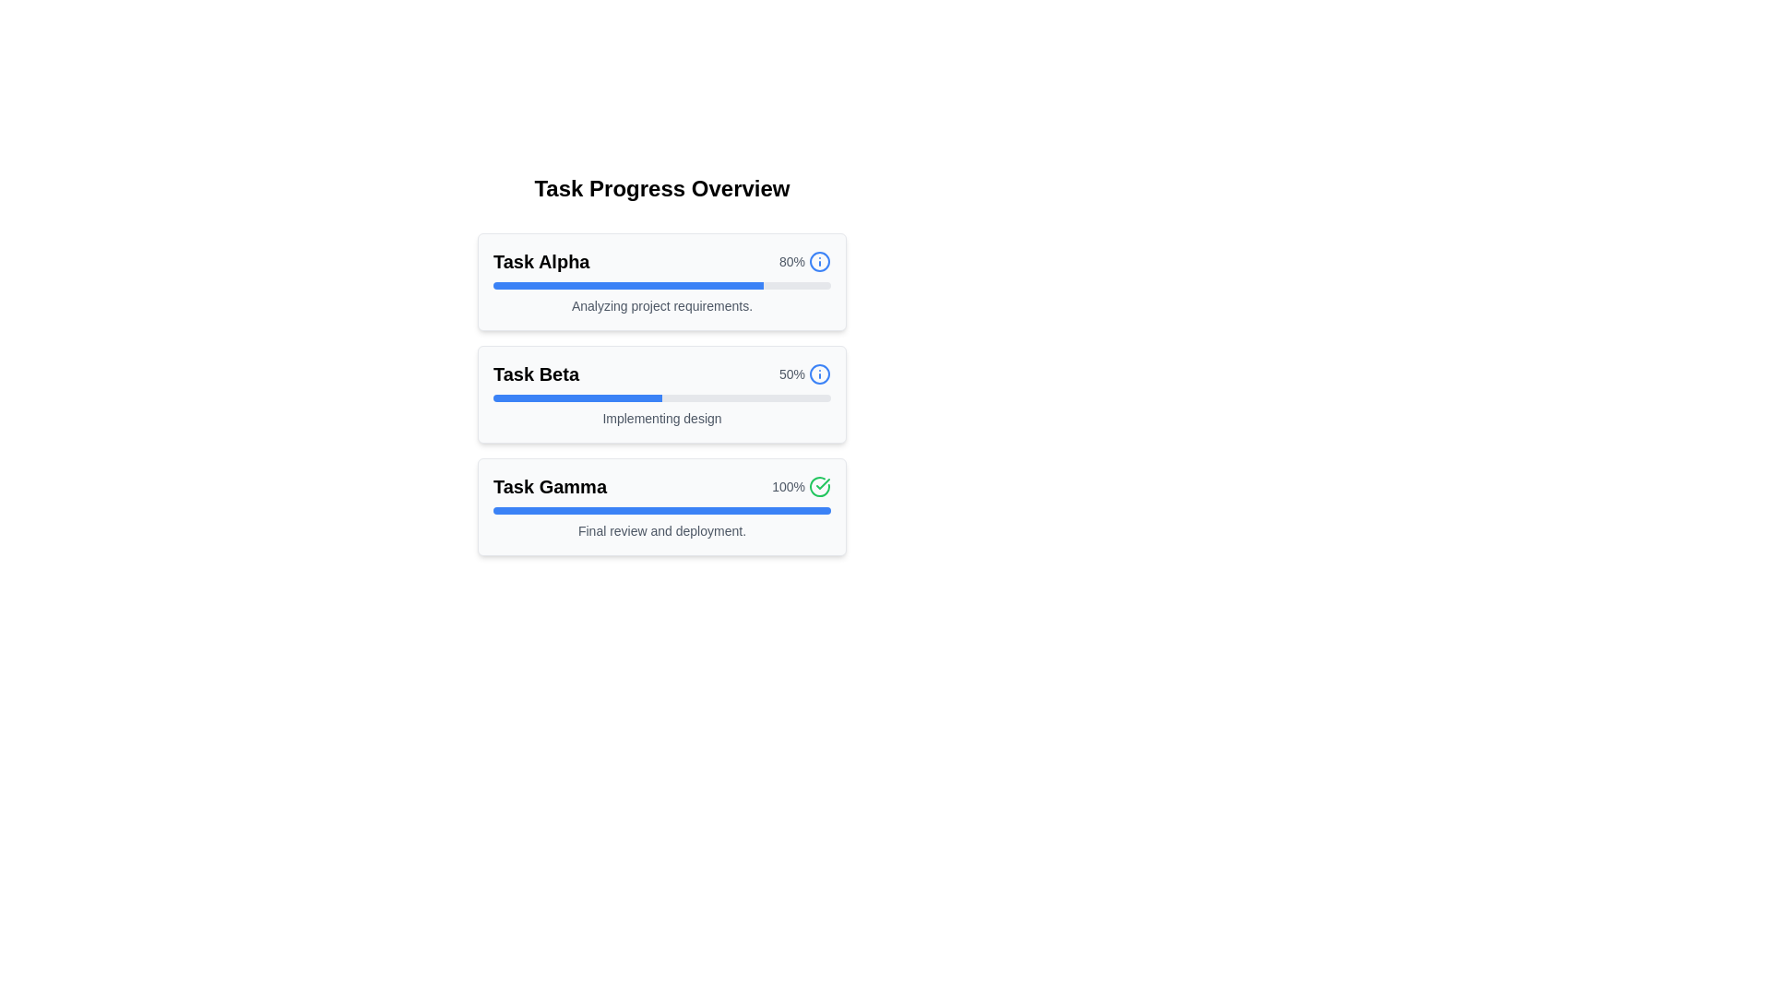  Describe the element at coordinates (822, 482) in the screenshot. I see `the green checkmark icon representing the completed state in the 'Task Gamma' progress card, located in the top-right corner next to the '100%' text` at that location.